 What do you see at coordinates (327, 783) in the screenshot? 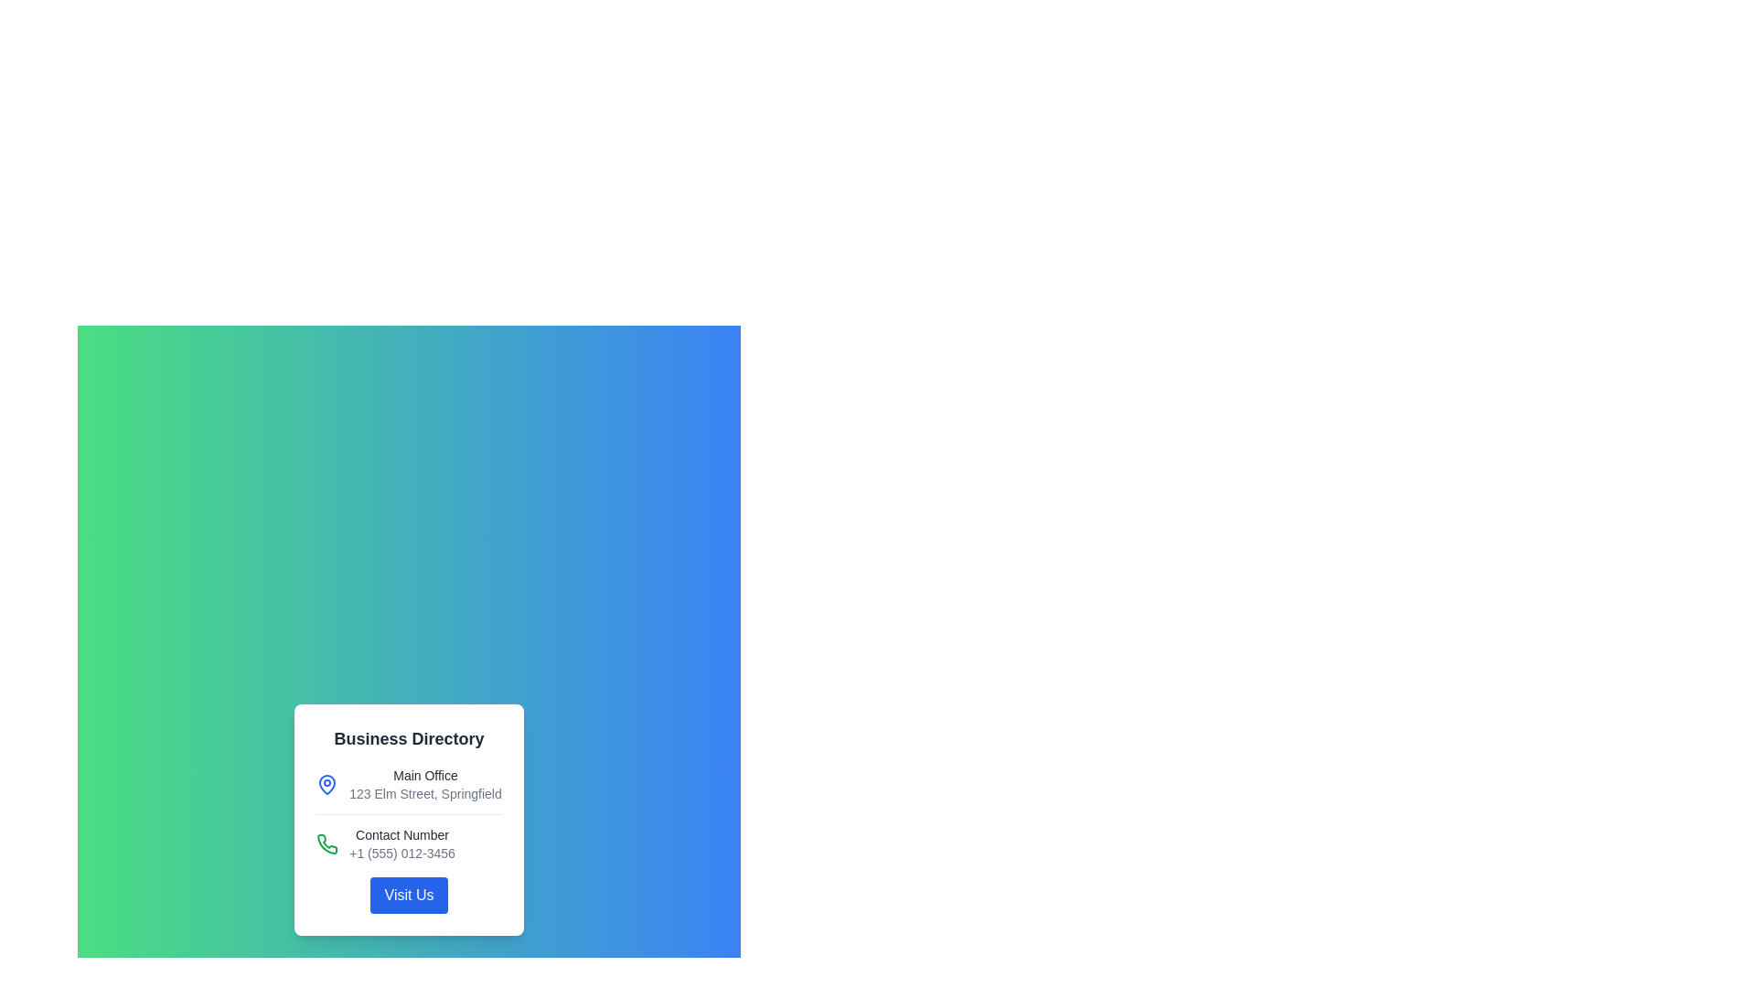
I see `the blue map pin icon resembling a location marker located to the left of the text 'Main Office' within the 'Business Directory' card` at bounding box center [327, 783].